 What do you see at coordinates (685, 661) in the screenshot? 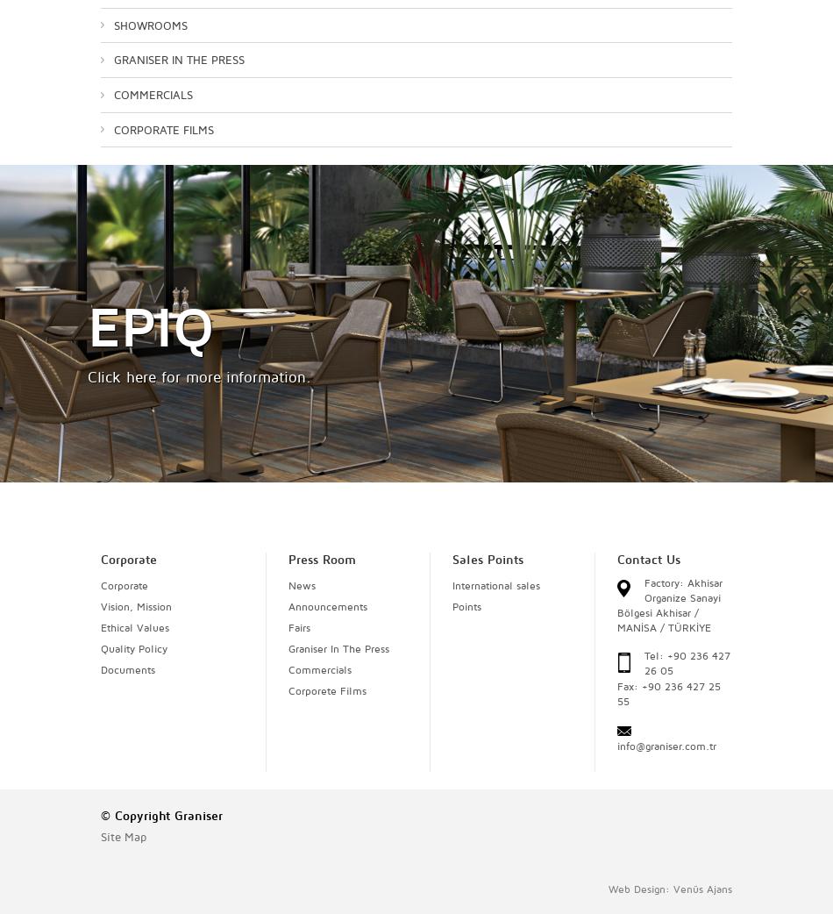
I see `'Tel: +90 236 427 26 05'` at bounding box center [685, 661].